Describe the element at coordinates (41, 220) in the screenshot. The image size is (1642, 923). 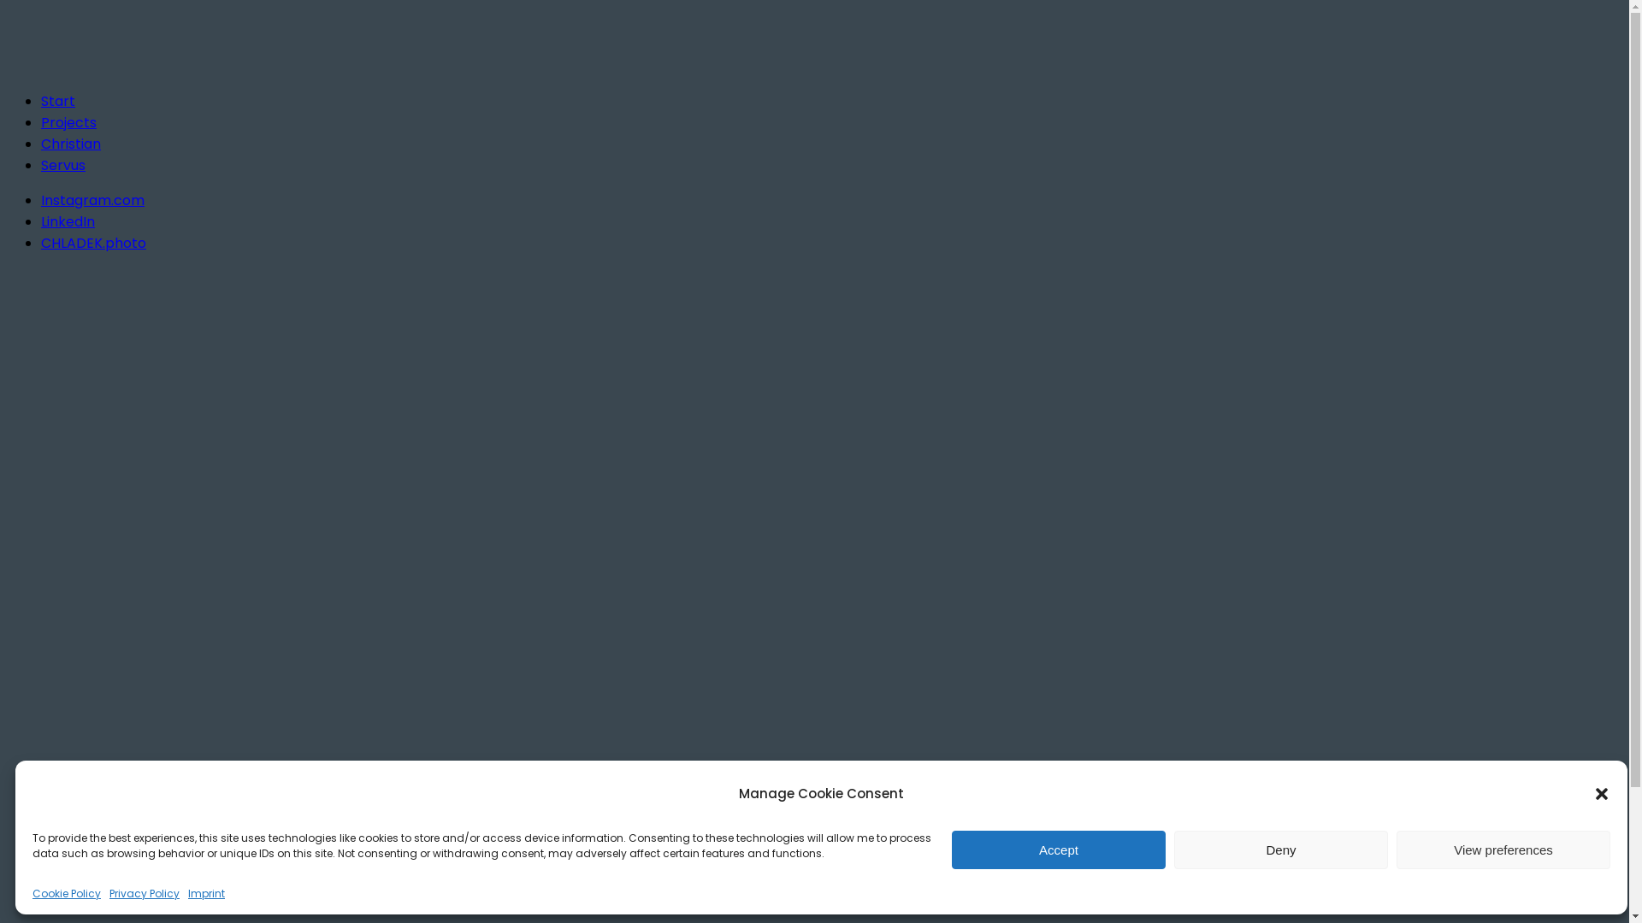
I see `'LinkedIn'` at that location.